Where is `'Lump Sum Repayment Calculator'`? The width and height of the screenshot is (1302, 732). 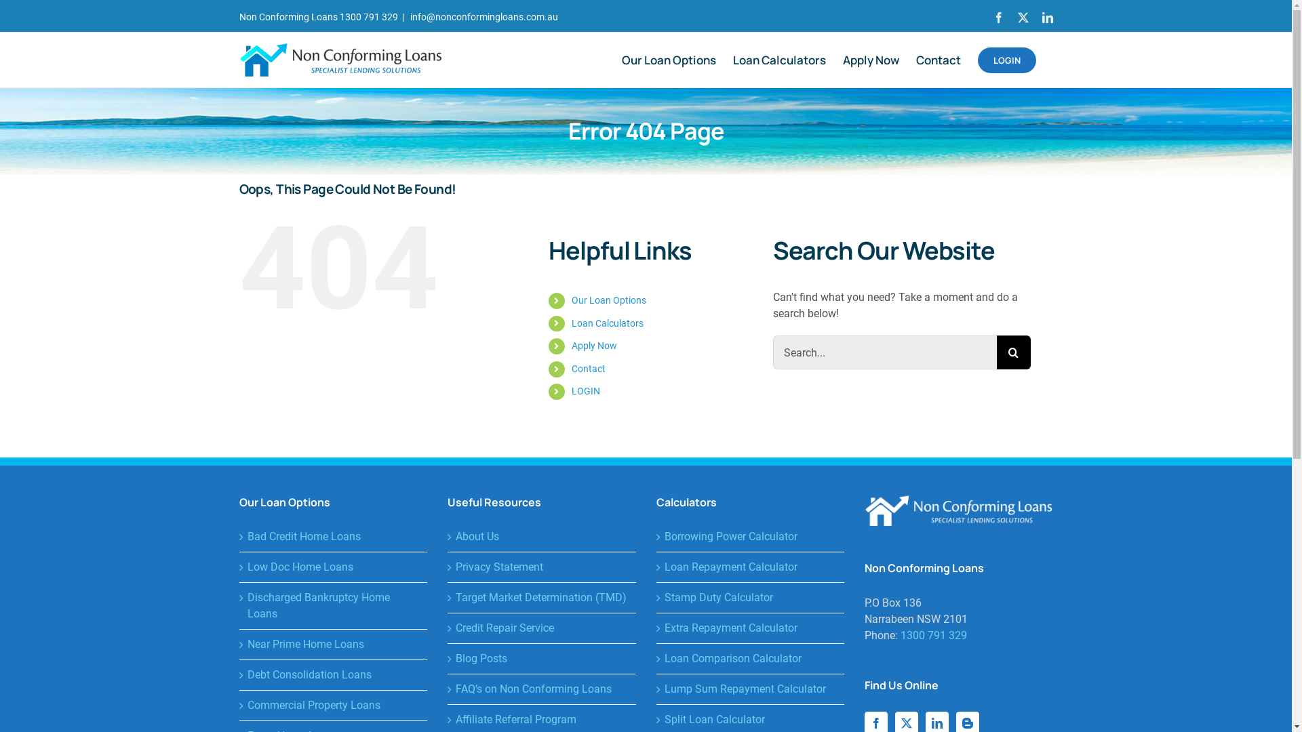
'Lump Sum Repayment Calculator' is located at coordinates (751, 689).